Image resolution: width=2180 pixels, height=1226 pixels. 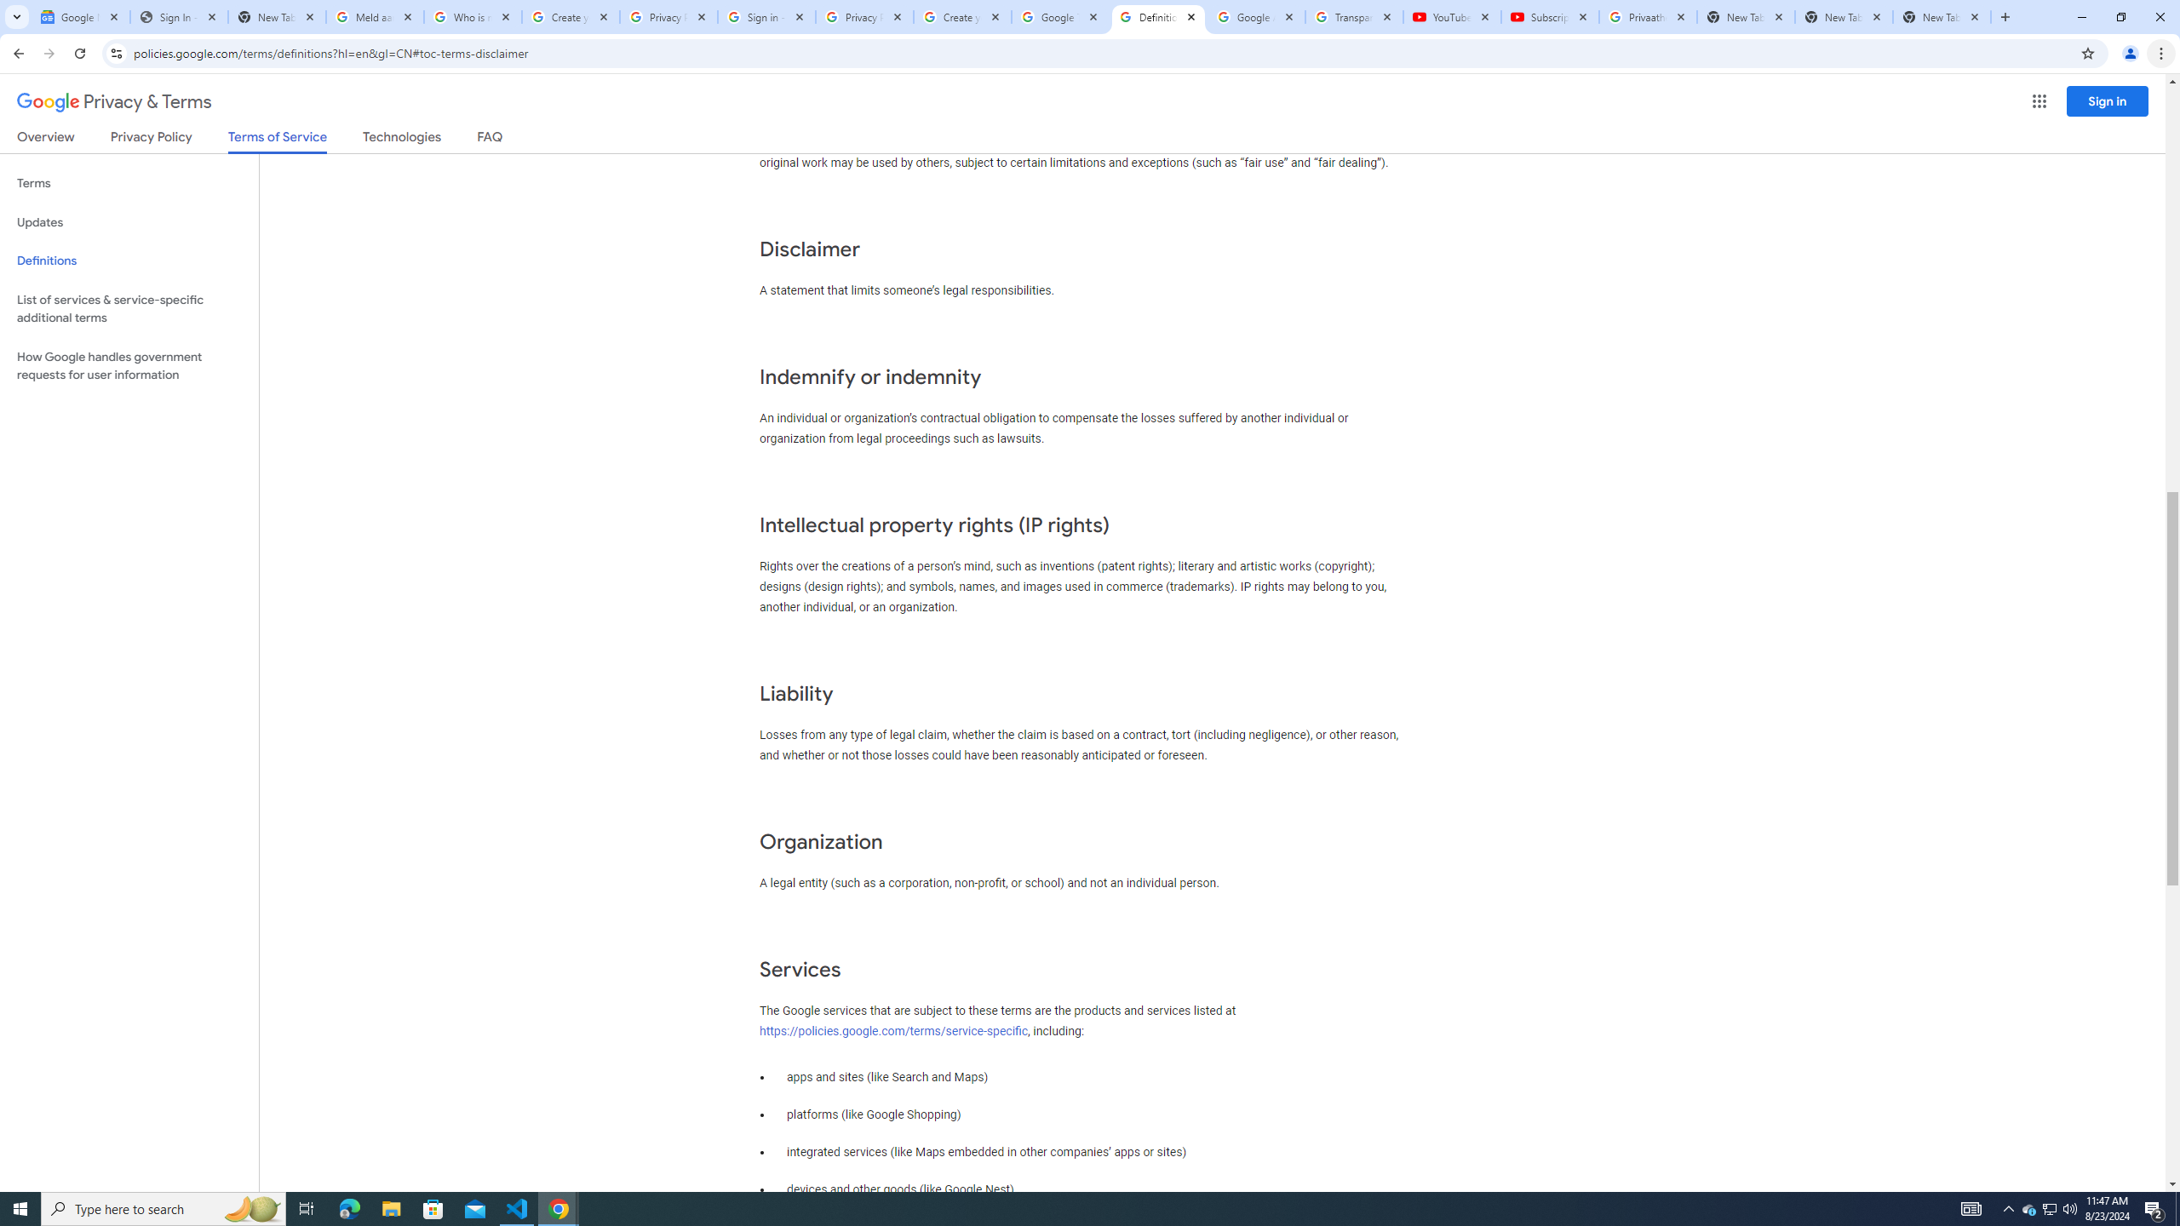 I want to click on 'FAQ', so click(x=490, y=140).